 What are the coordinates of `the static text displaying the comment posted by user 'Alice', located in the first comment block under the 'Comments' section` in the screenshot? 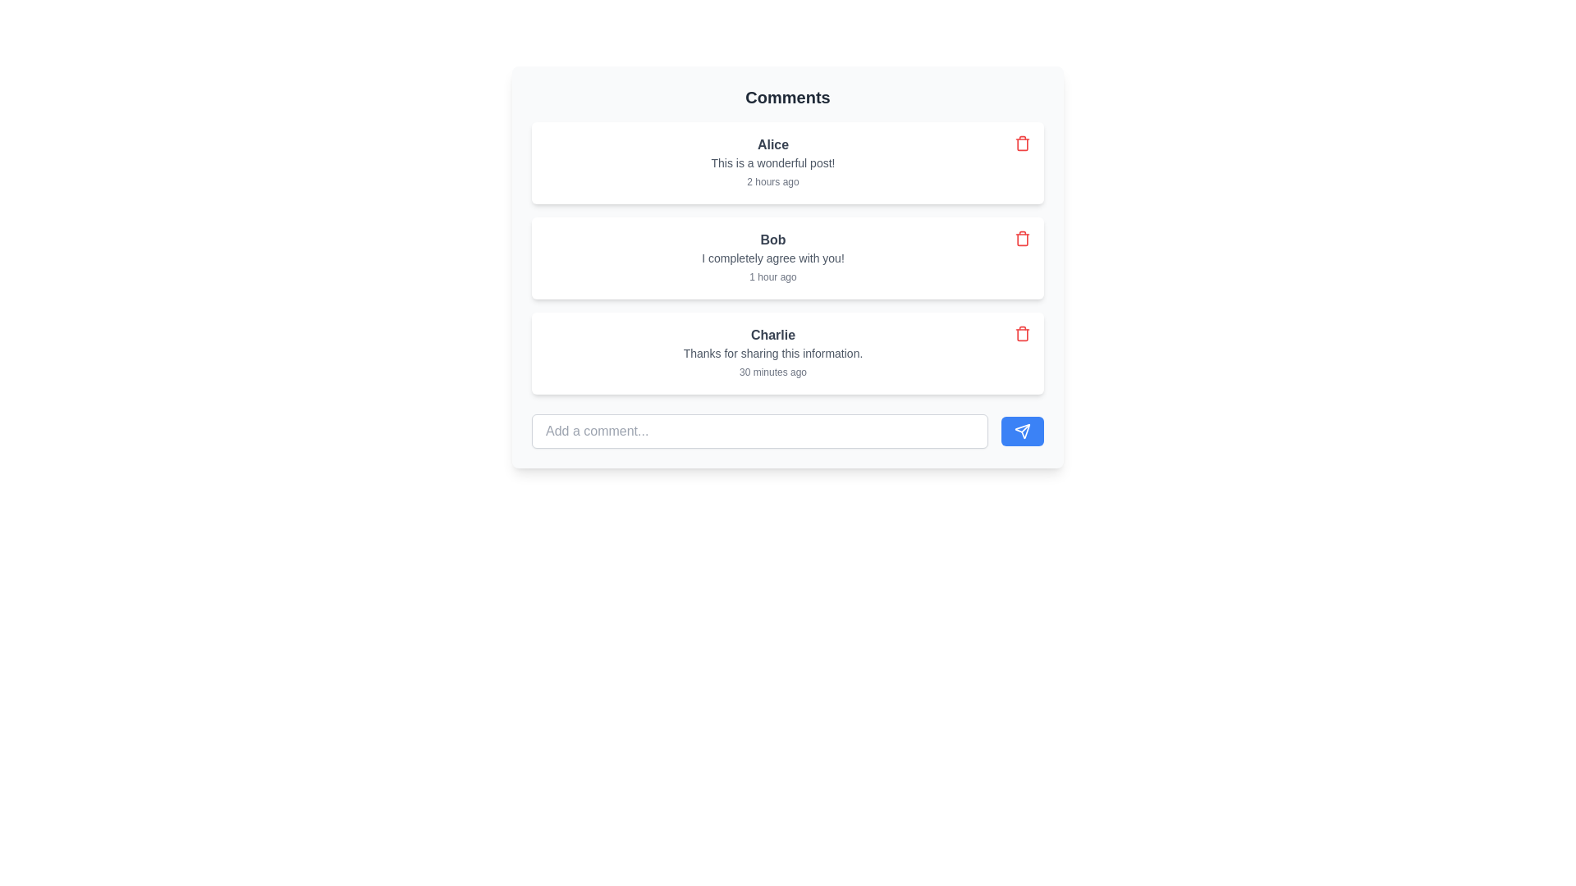 It's located at (772, 163).